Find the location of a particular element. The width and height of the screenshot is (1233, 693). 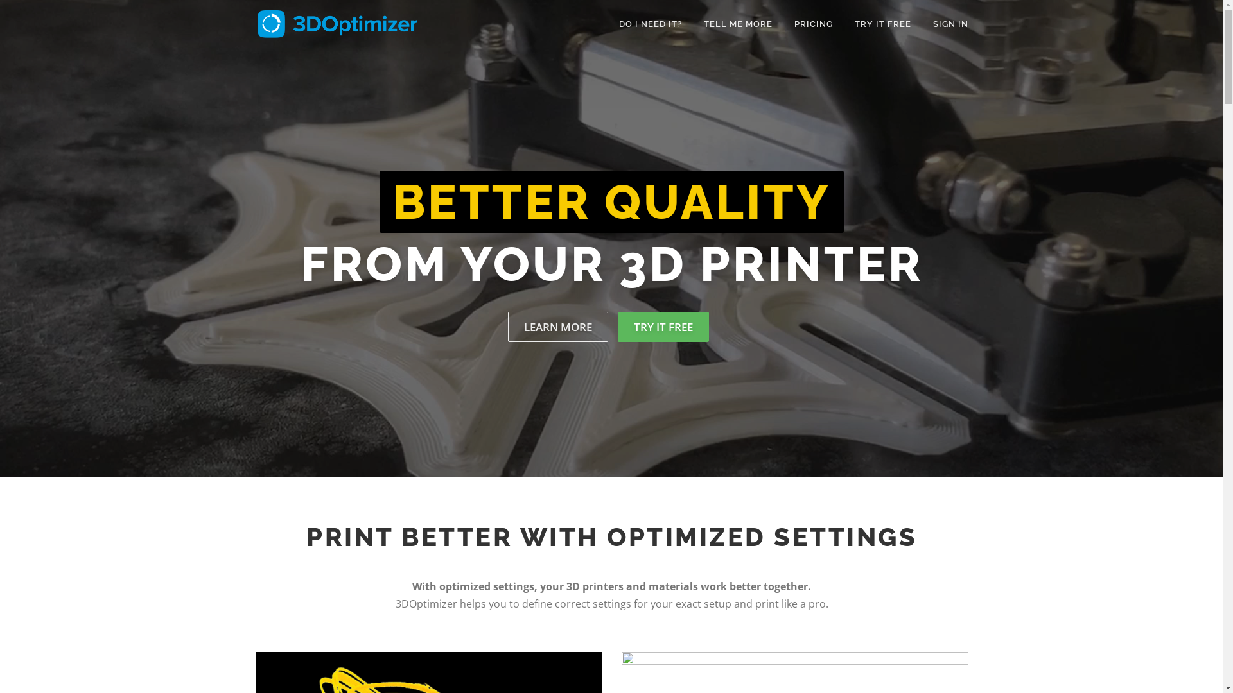

'TRY IT FREE' is located at coordinates (663, 326).